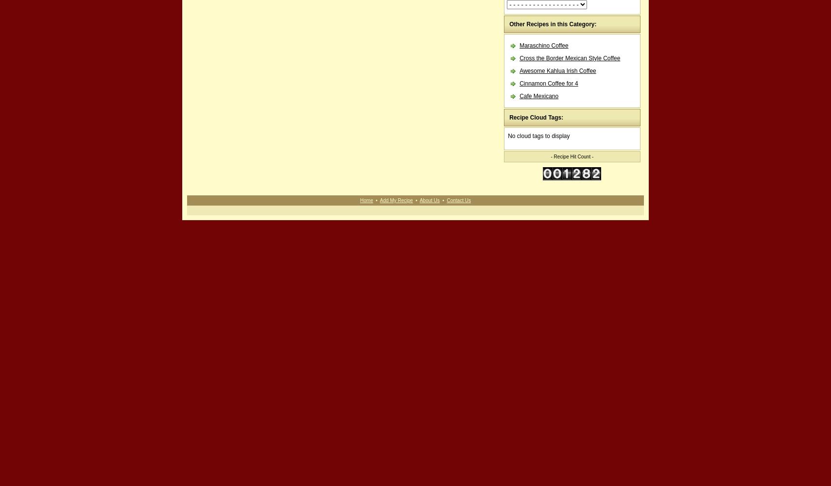 The image size is (831, 486). Describe the element at coordinates (509, 117) in the screenshot. I see `'Recipe Cloud Tags:'` at that location.